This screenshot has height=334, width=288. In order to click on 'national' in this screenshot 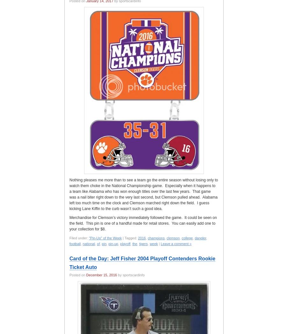, I will do `click(88, 244)`.